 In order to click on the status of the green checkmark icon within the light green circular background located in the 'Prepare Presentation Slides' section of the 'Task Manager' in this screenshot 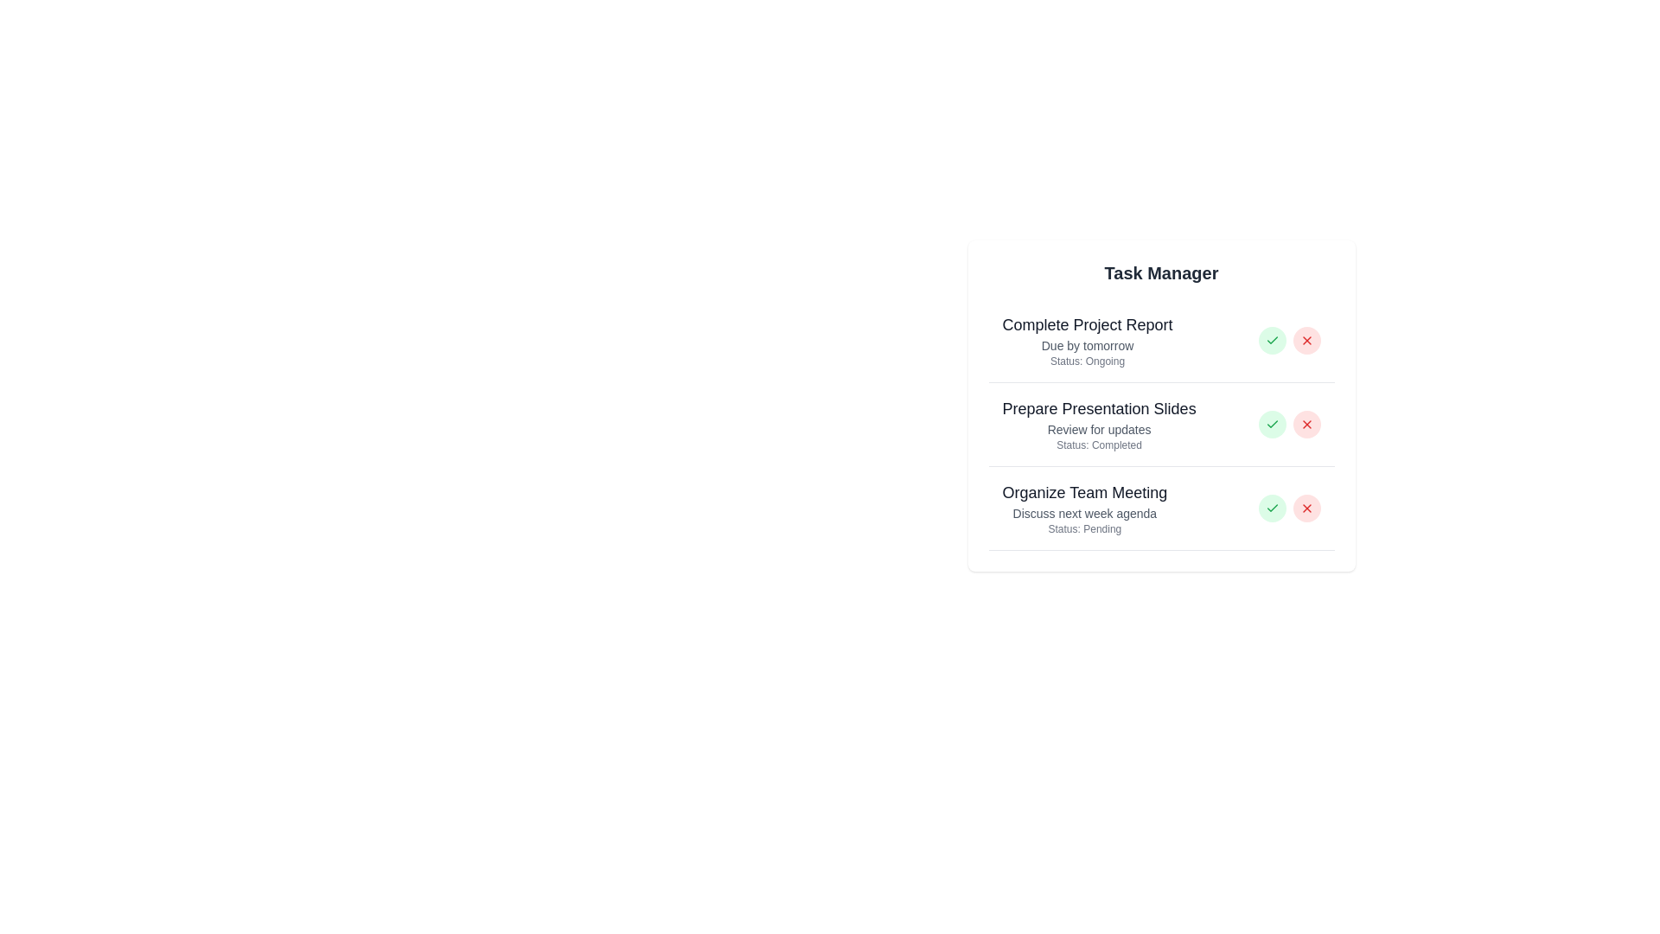, I will do `click(1272, 340)`.